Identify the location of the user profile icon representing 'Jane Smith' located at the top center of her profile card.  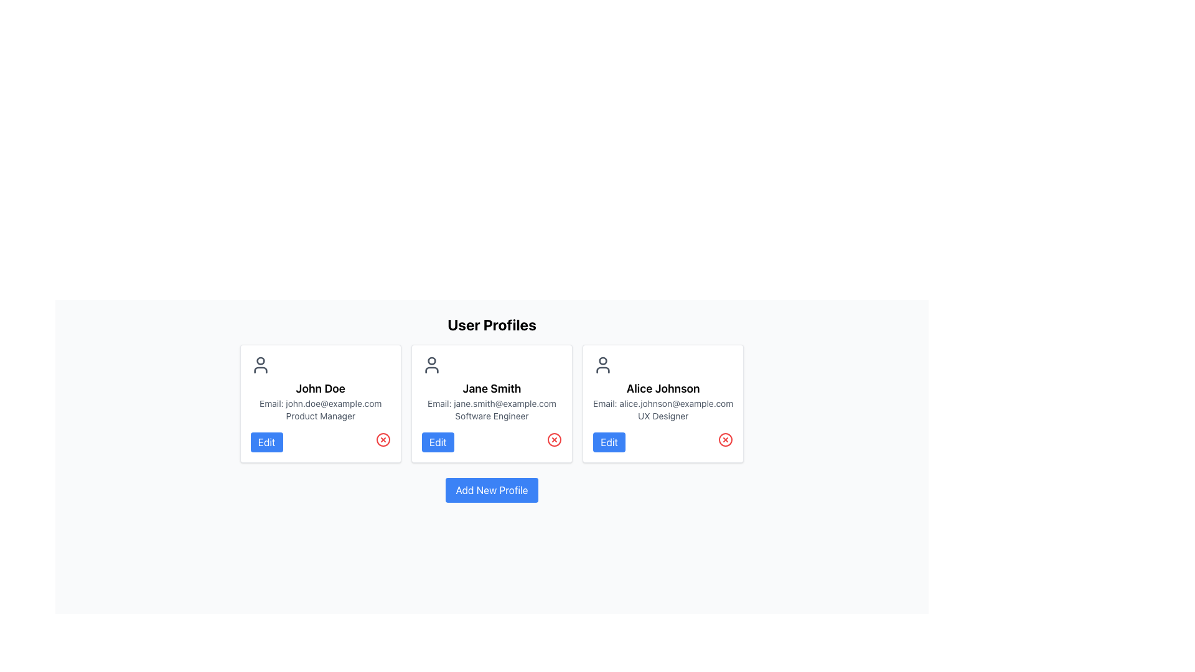
(431, 364).